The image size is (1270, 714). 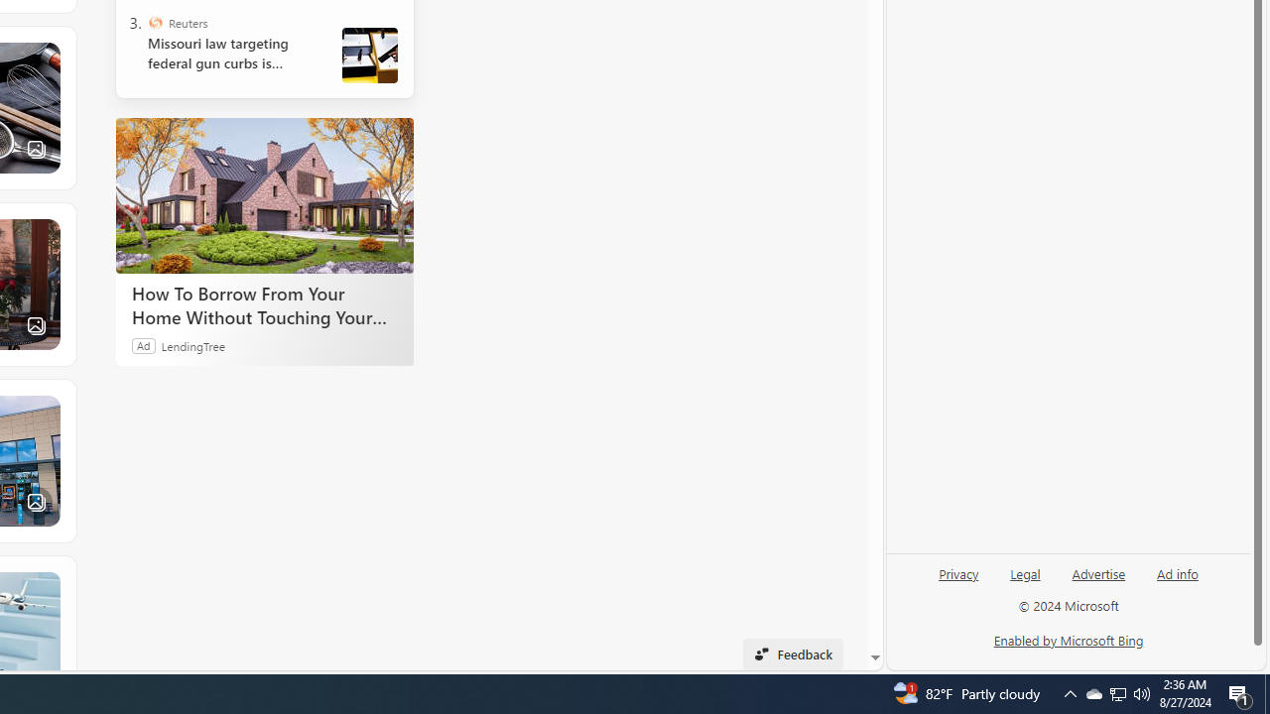 What do you see at coordinates (193, 344) in the screenshot?
I see `'LendingTree'` at bounding box center [193, 344].